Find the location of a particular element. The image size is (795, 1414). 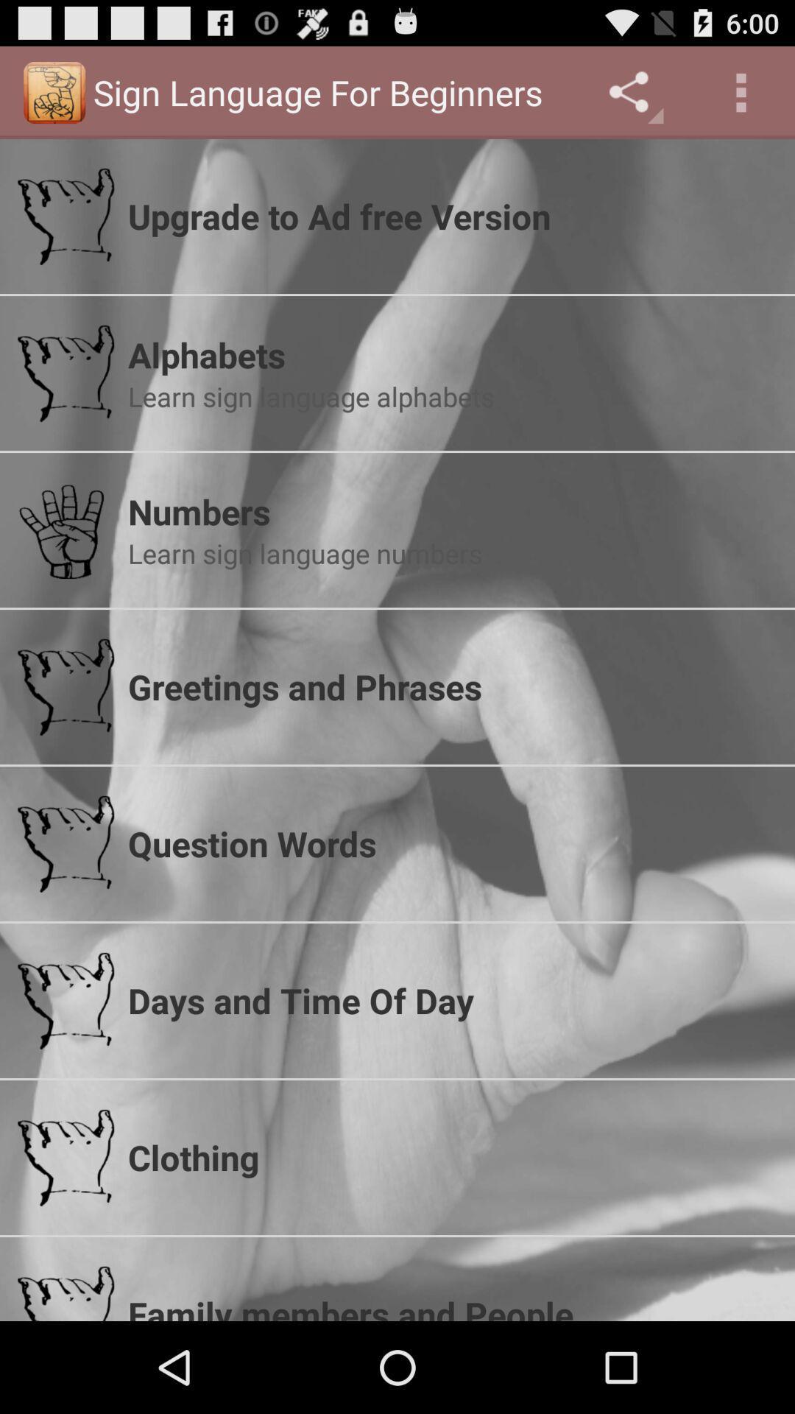

the icon above family members and app is located at coordinates (451, 1156).